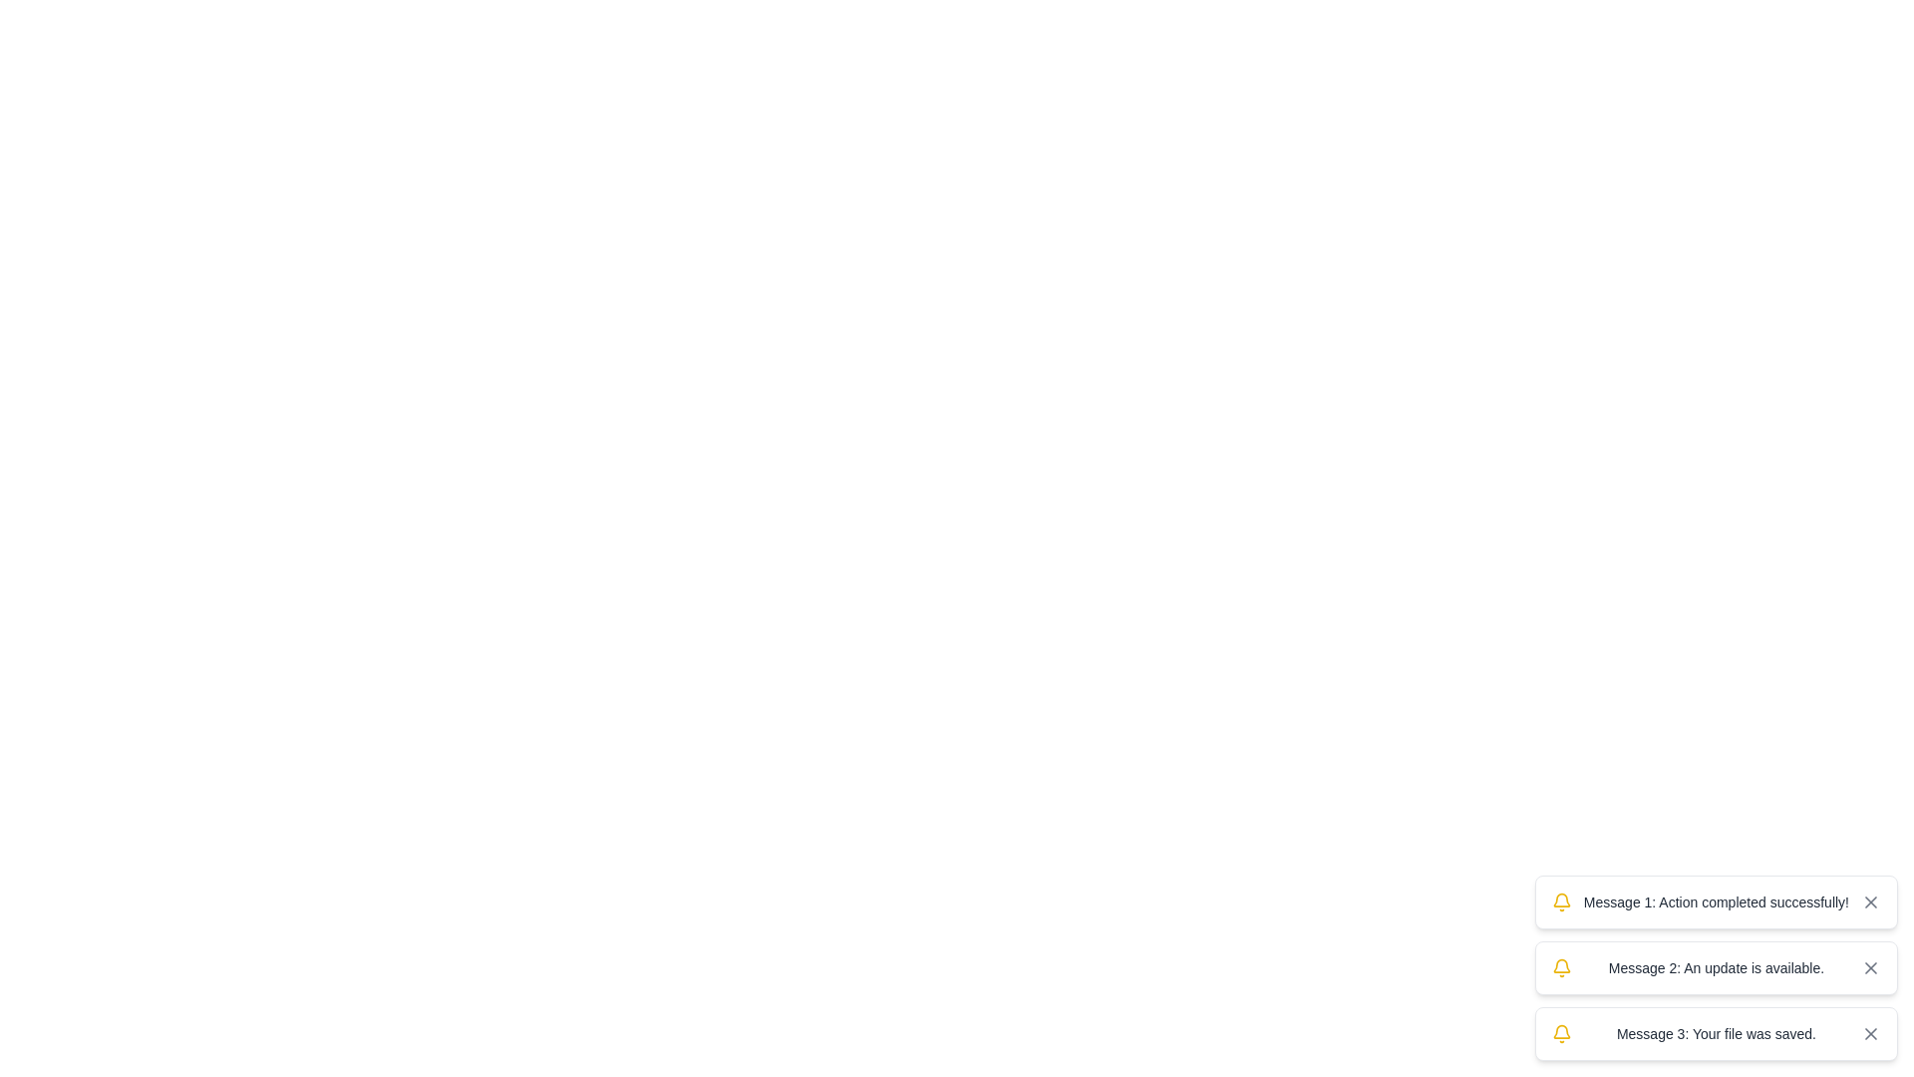 The image size is (1914, 1077). I want to click on the gray 'X' mark icon at the bottom-right corner of the notification box displaying 'Message 3: Your file was saved.', so click(1869, 1033).